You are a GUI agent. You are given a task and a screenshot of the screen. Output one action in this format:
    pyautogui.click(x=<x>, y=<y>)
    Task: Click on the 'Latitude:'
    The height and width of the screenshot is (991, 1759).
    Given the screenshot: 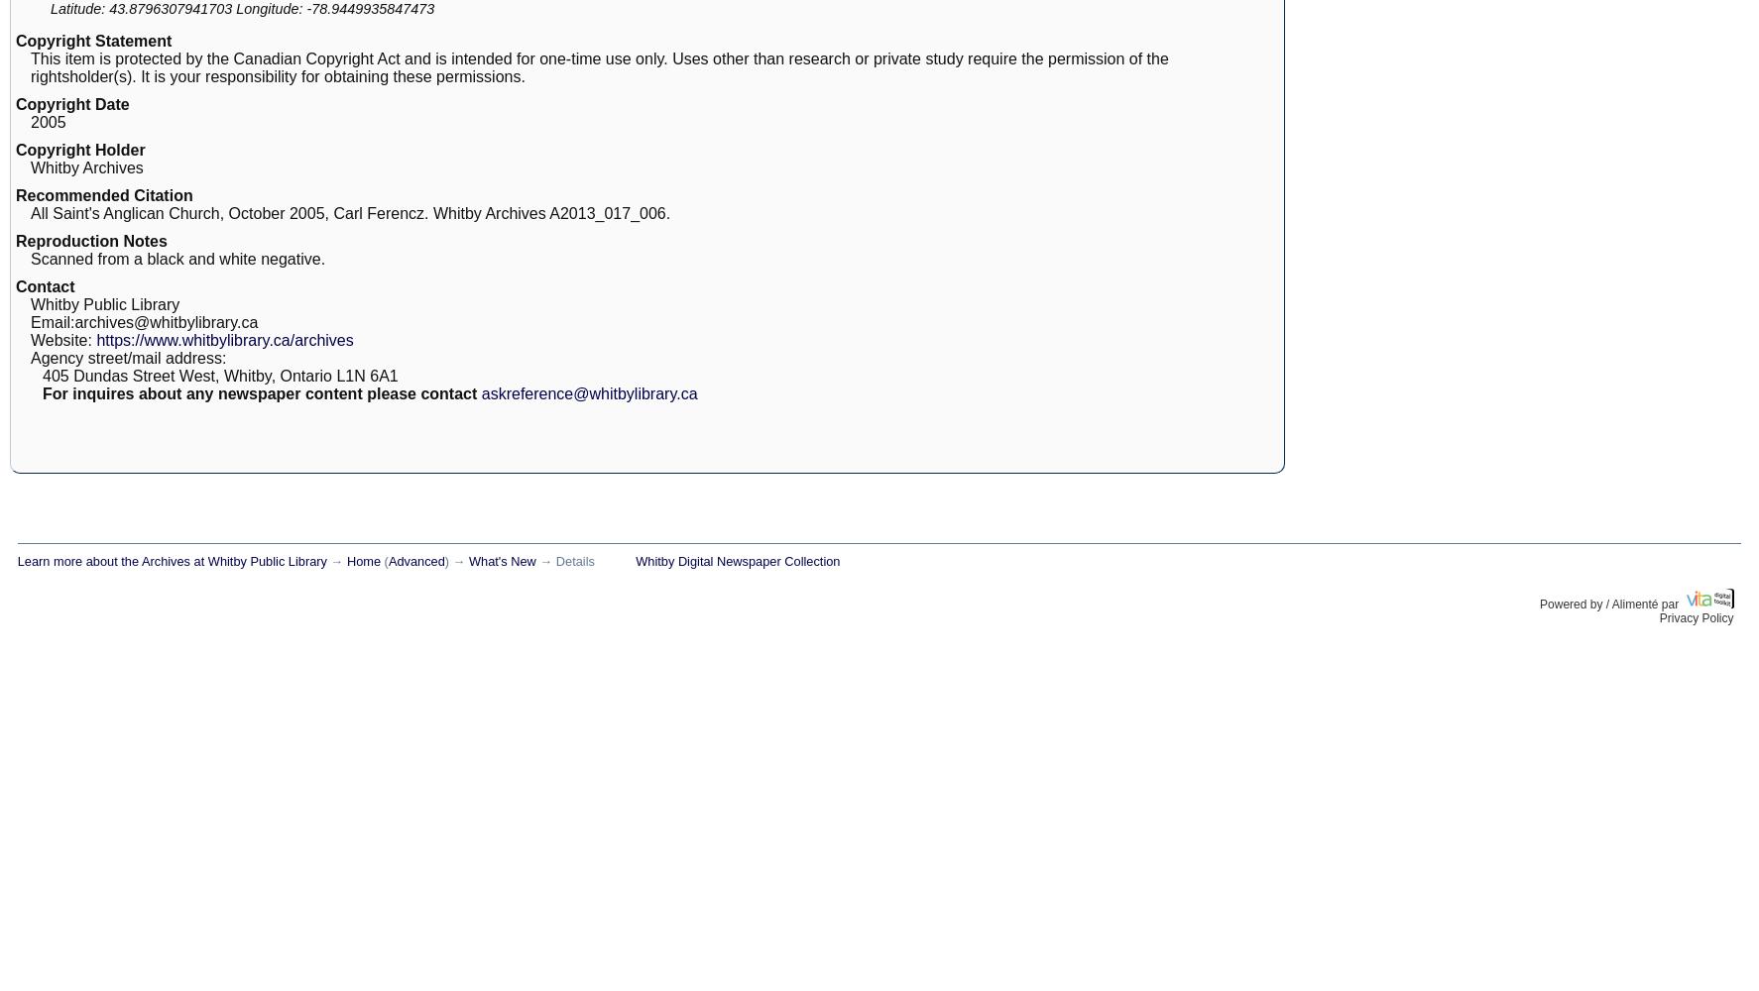 What is the action you would take?
    pyautogui.click(x=49, y=9)
    